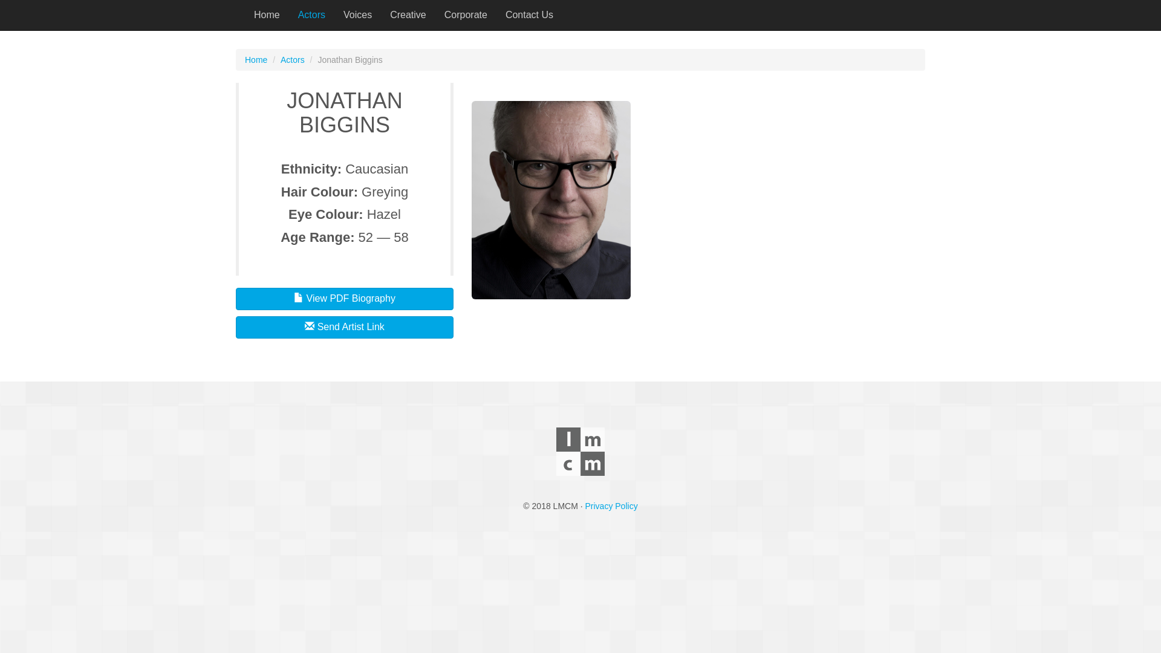  What do you see at coordinates (408, 15) in the screenshot?
I see `'Creative'` at bounding box center [408, 15].